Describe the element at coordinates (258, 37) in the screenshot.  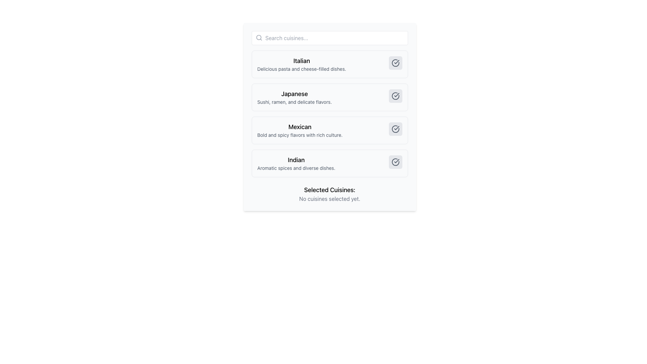
I see `the magnifying glass icon located on the left side of the search bar, which indicates search functionality` at that location.